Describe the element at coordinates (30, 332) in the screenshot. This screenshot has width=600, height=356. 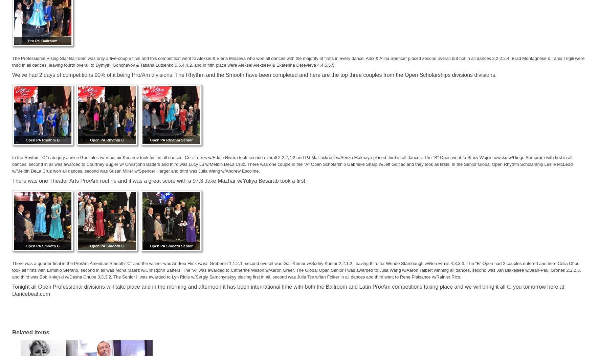
I see `'Related items'` at that location.